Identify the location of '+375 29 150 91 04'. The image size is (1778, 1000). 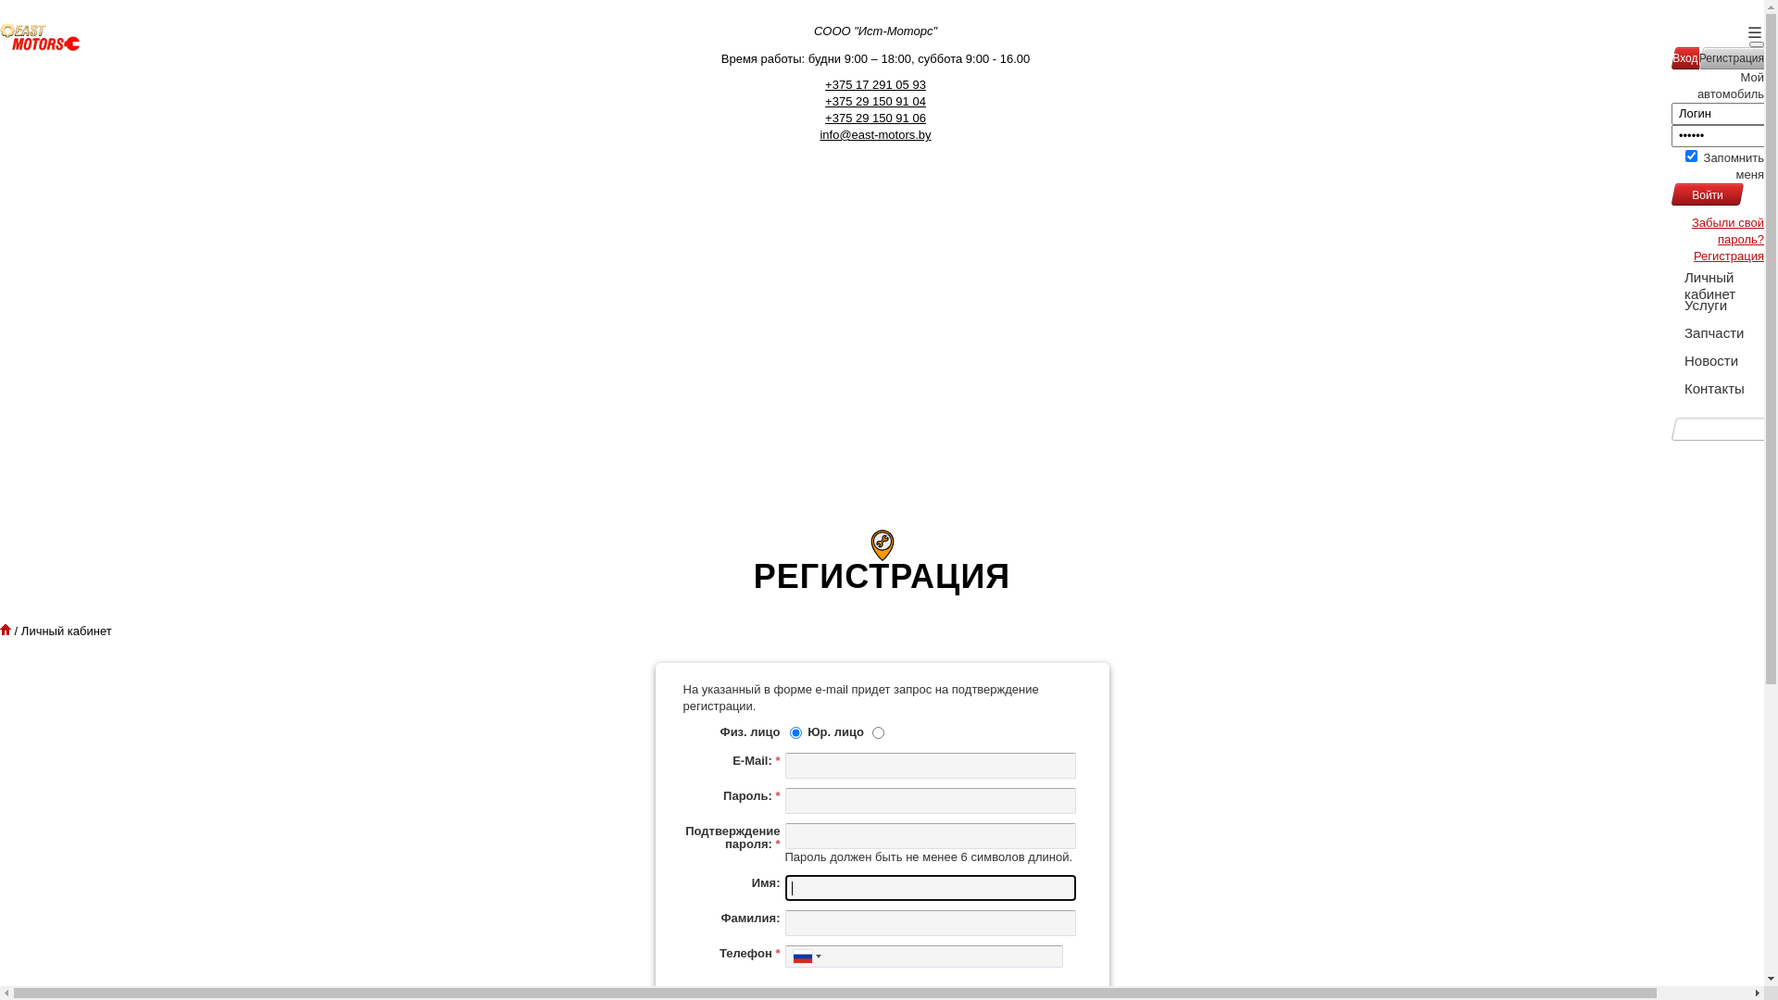
(874, 101).